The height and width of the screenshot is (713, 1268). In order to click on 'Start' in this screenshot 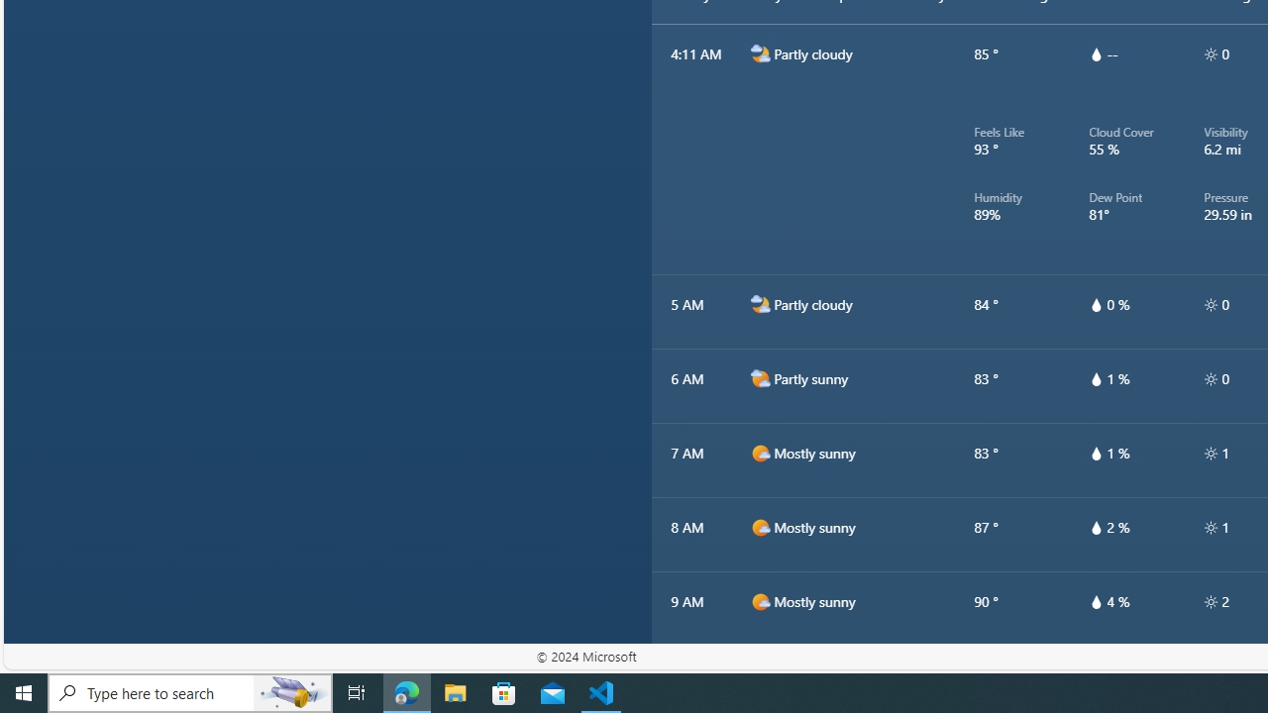, I will do `click(24, 691)`.